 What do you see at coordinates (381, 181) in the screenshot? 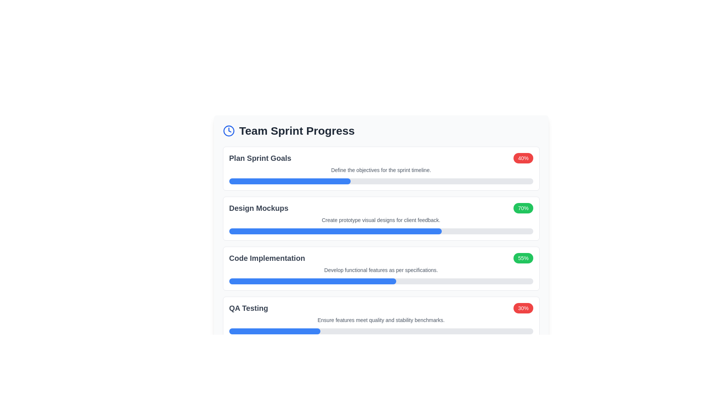
I see `the progress bar located in the 'Plan Sprint Goals' section of the 'Team Sprint Progress' interface, which visually represents a 40% completion of the associated task` at bounding box center [381, 181].